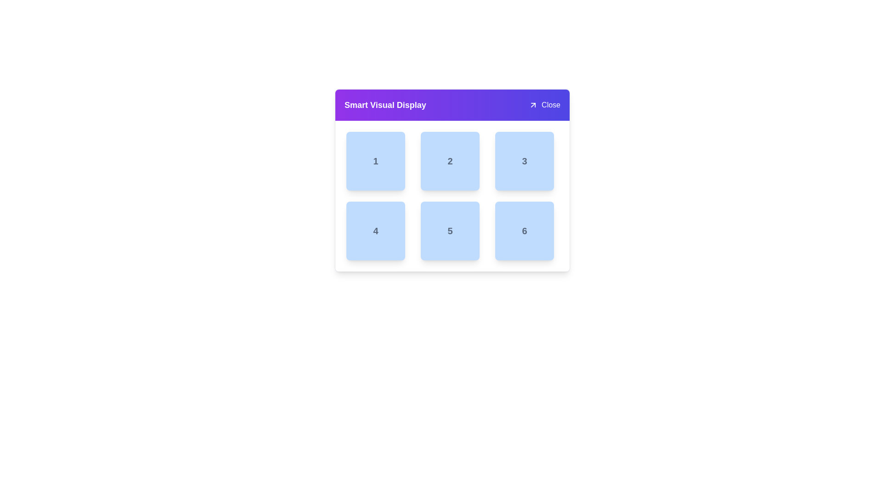  Describe the element at coordinates (450, 161) in the screenshot. I see `text from the label located in the top-center tile of the grid layout, which is part of a card-style interface within a rounded blue square tile` at that location.